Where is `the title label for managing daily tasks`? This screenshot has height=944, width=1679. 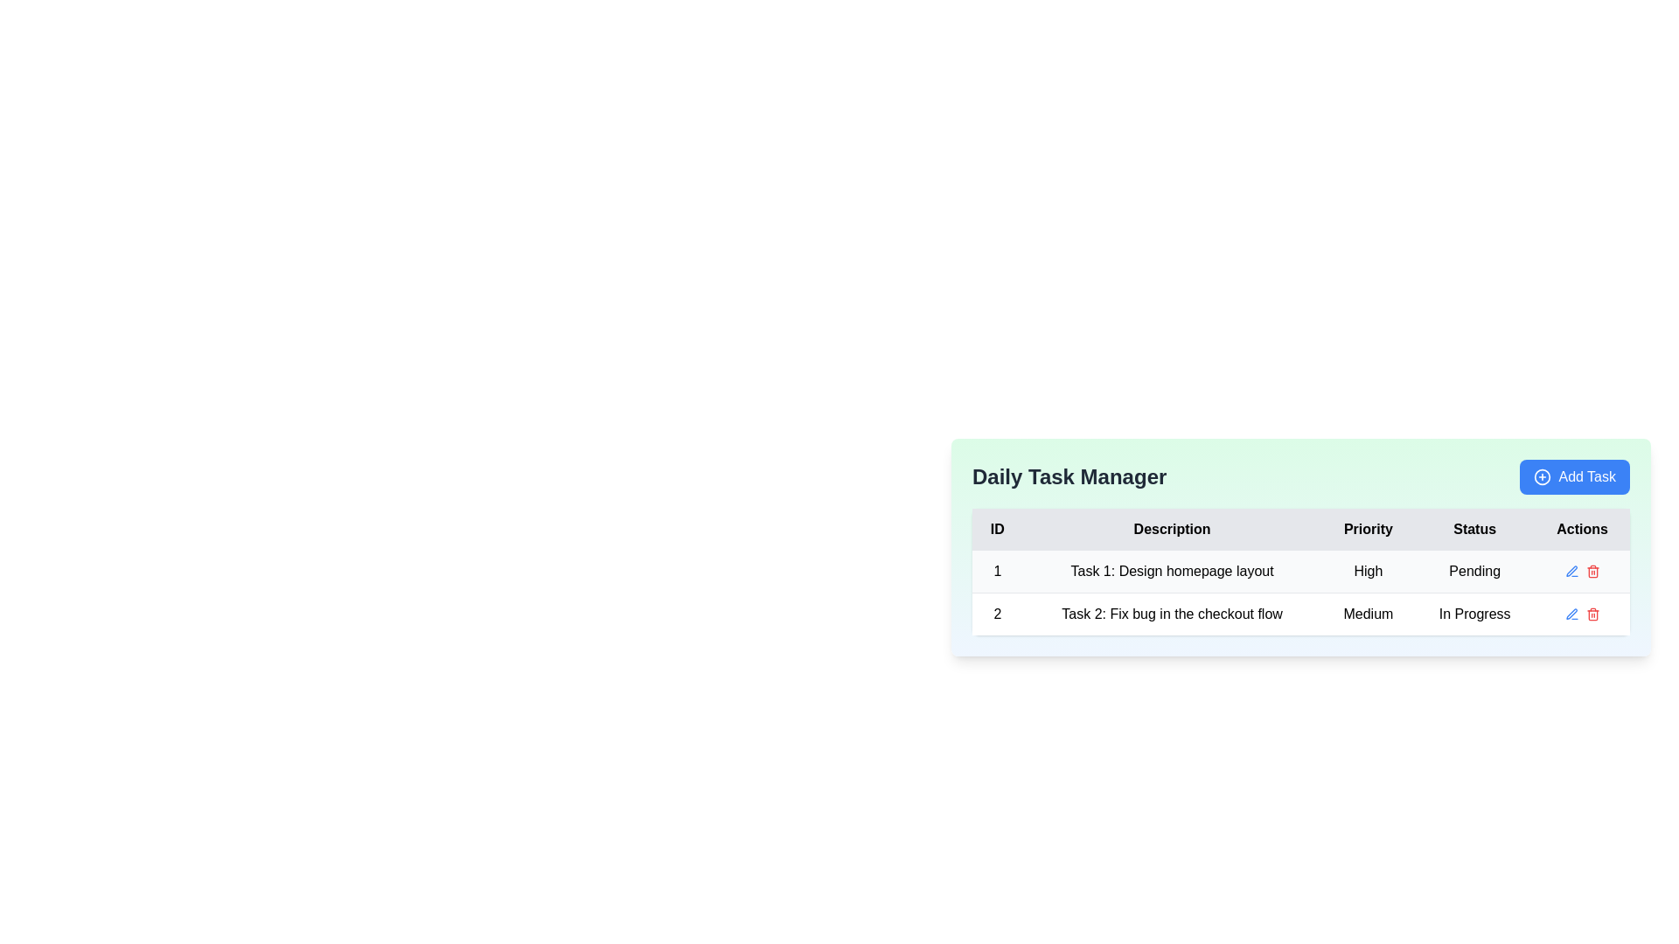
the title label for managing daily tasks is located at coordinates (1069, 477).